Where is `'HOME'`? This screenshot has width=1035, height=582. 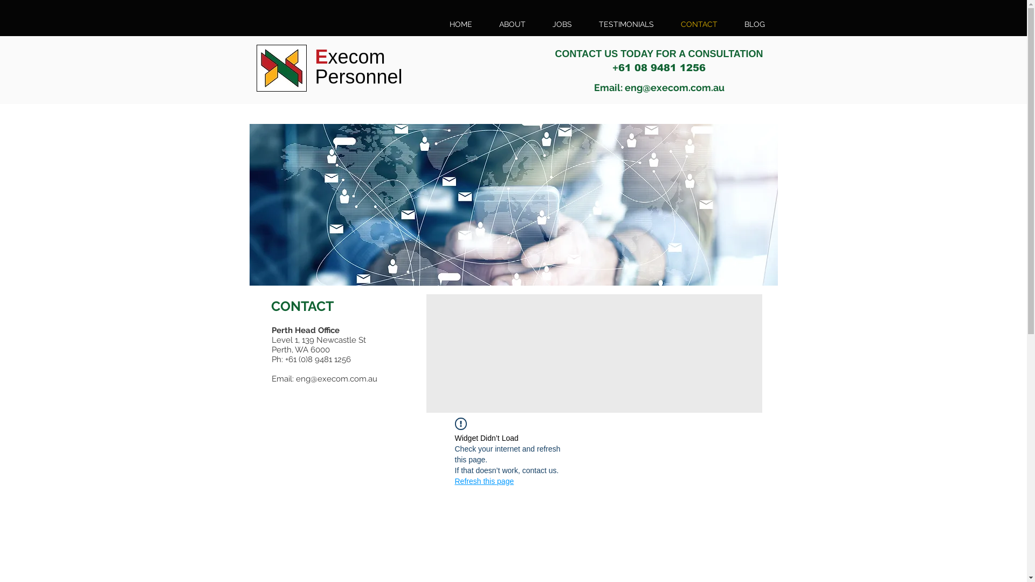
'HOME' is located at coordinates (460, 24).